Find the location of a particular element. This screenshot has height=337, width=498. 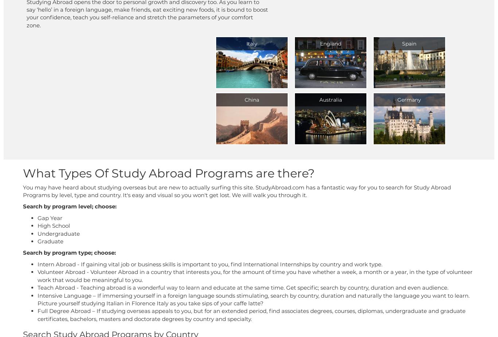

'Teach Abroad' is located at coordinates (57, 287).